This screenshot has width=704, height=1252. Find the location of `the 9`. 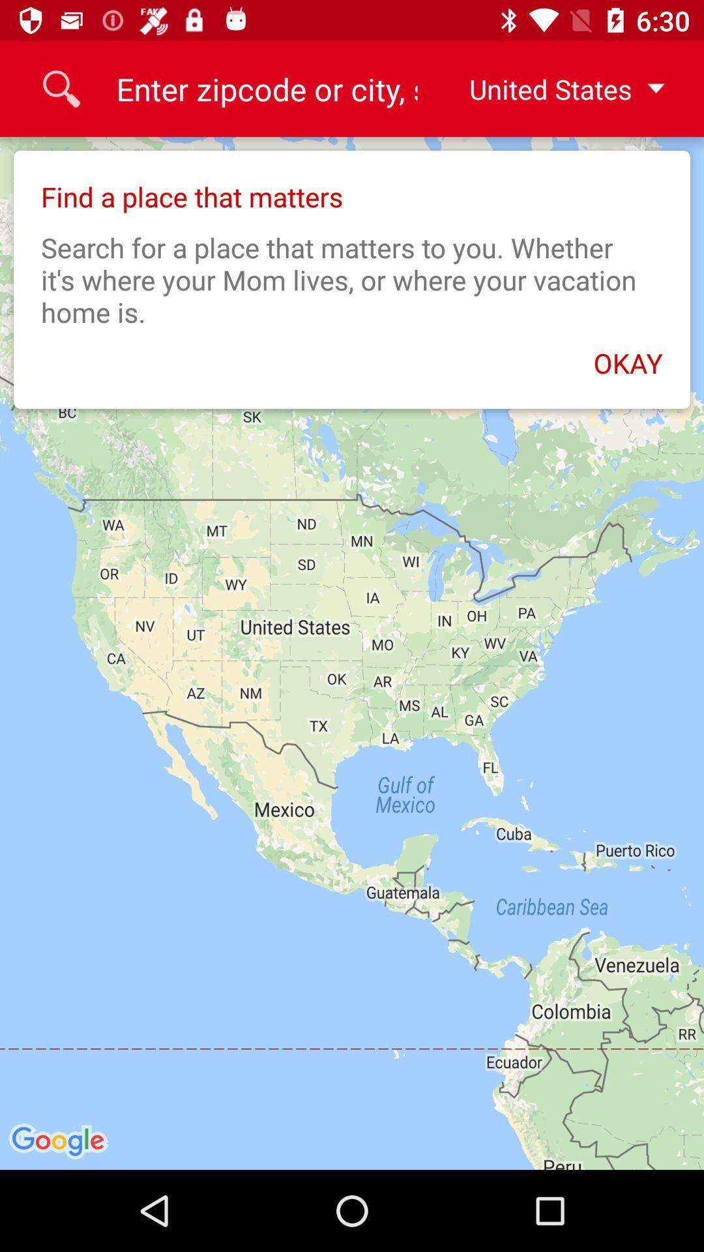

the 9 is located at coordinates (265, 88).